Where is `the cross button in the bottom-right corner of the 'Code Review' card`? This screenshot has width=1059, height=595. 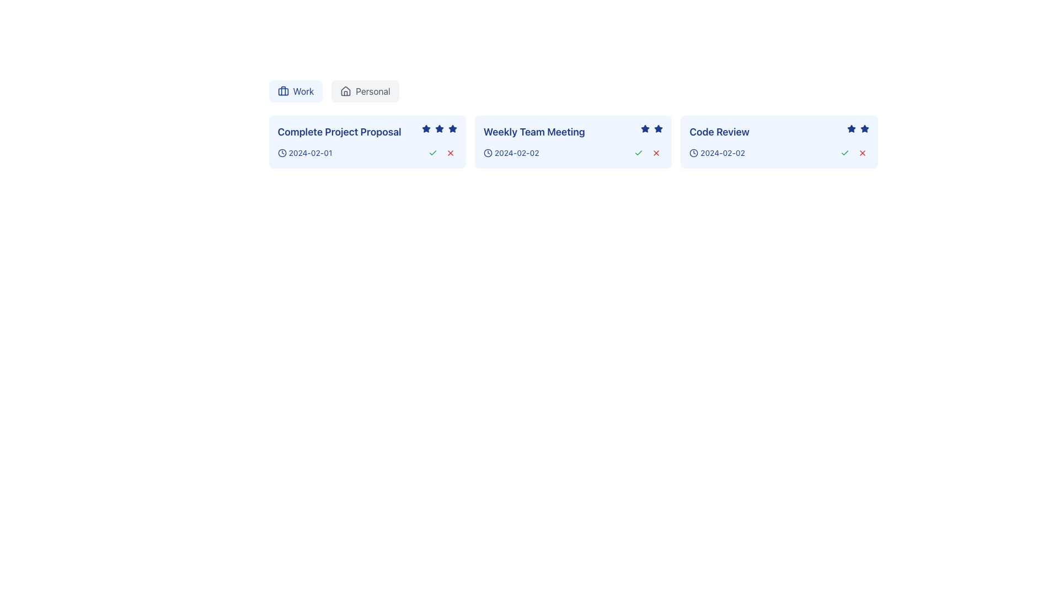 the cross button in the bottom-right corner of the 'Code Review' card is located at coordinates (853, 153).